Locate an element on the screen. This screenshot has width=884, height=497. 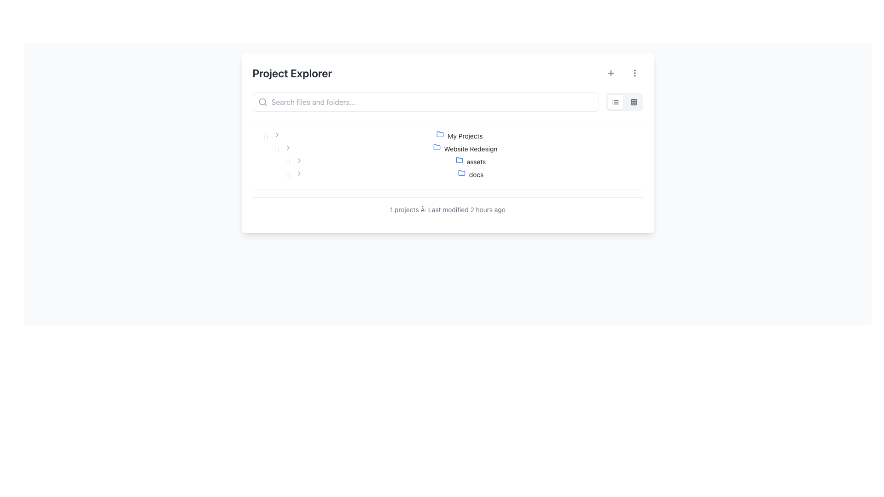
the Grid Cell Icon located at the upper-right corner of the interface is located at coordinates (633, 102).